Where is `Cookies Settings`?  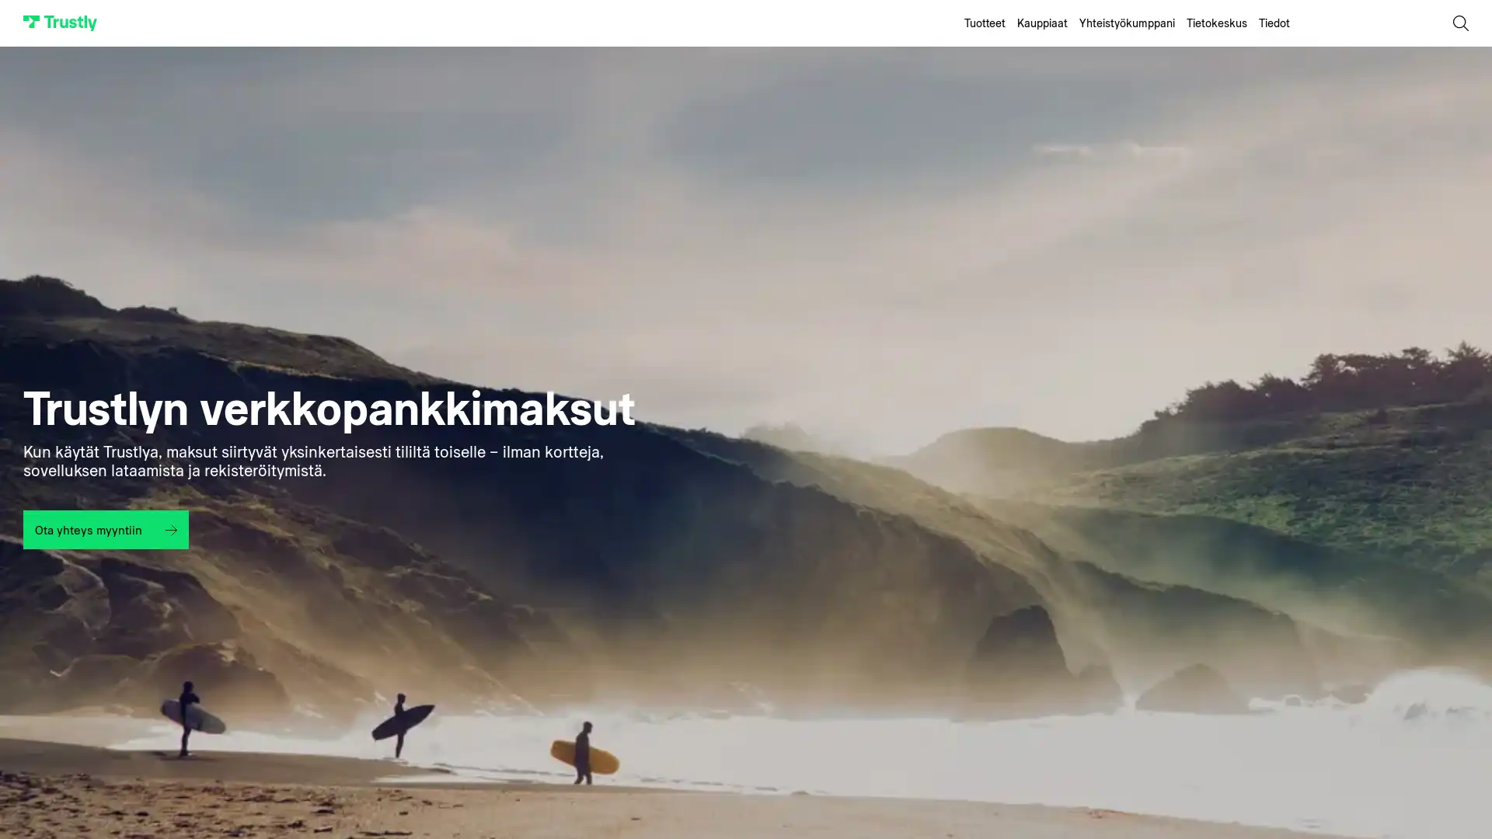 Cookies Settings is located at coordinates (907, 179).